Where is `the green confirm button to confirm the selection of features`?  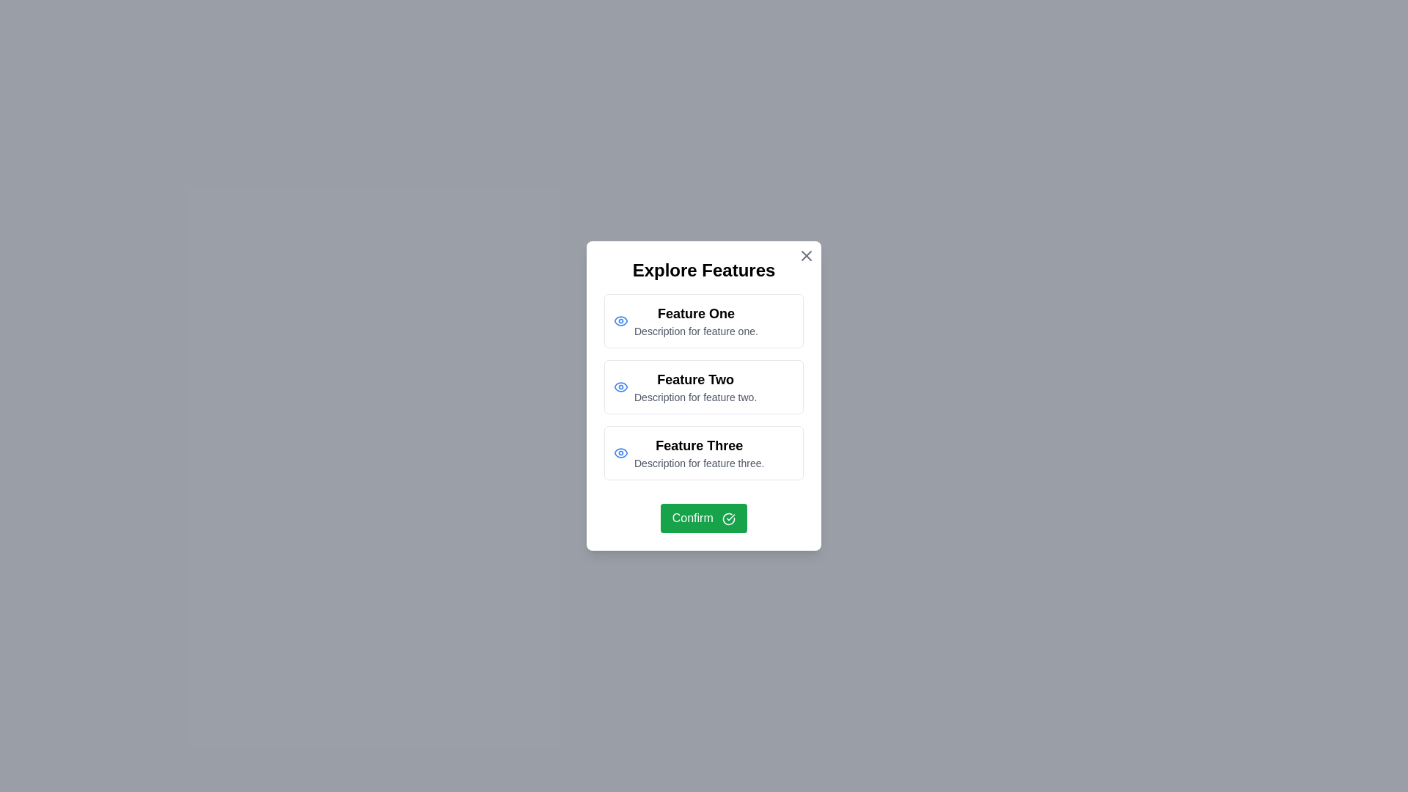
the green confirm button to confirm the selection of features is located at coordinates (704, 517).